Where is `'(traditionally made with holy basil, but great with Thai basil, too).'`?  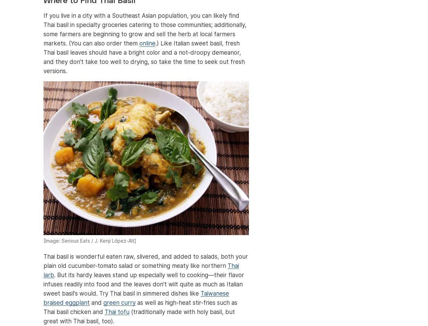
'(traditionally made with holy basil, but great with Thai basil, too).' is located at coordinates (43, 316).